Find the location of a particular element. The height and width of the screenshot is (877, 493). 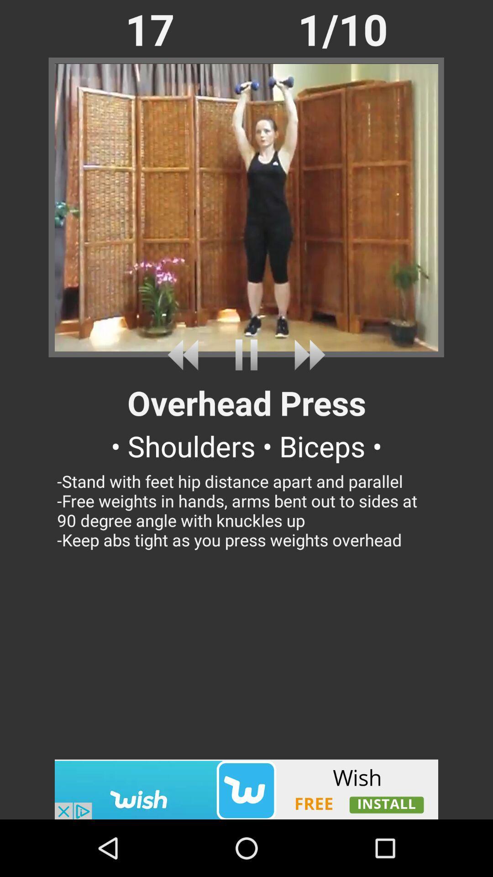

advertisement is located at coordinates (246, 789).